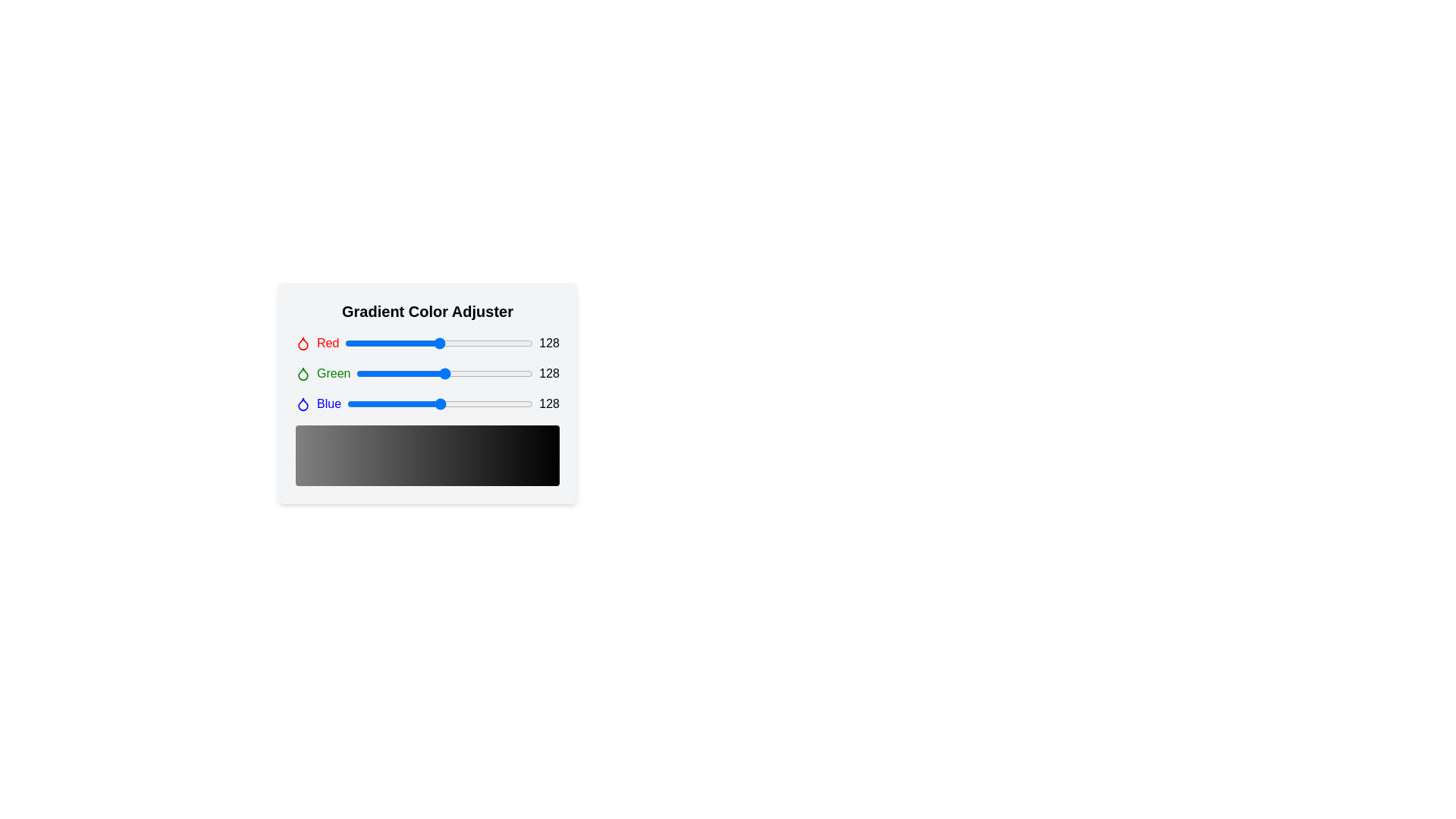 This screenshot has height=819, width=1456. Describe the element at coordinates (379, 343) in the screenshot. I see `the red color slider to 46` at that location.